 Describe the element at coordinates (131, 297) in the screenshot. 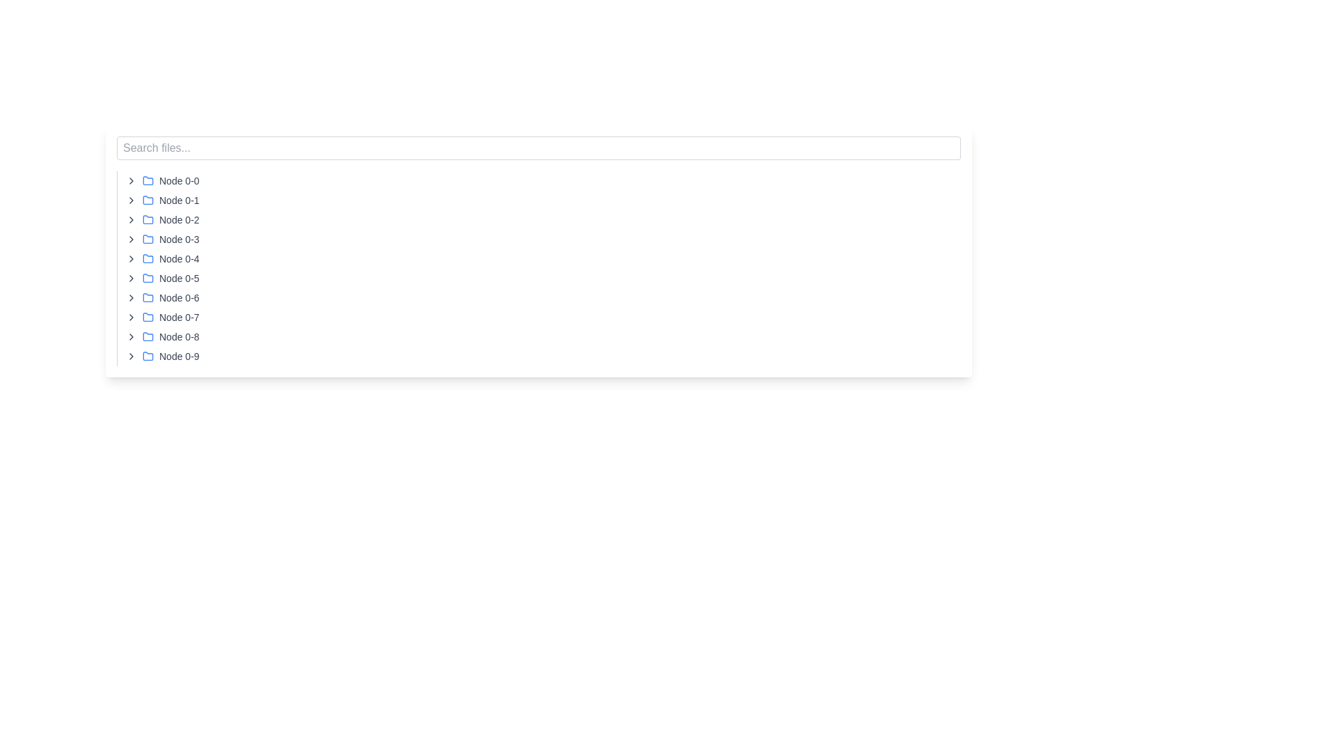

I see `the chevron button on the leftmost side of the row representing 'Node 0-6'` at that location.